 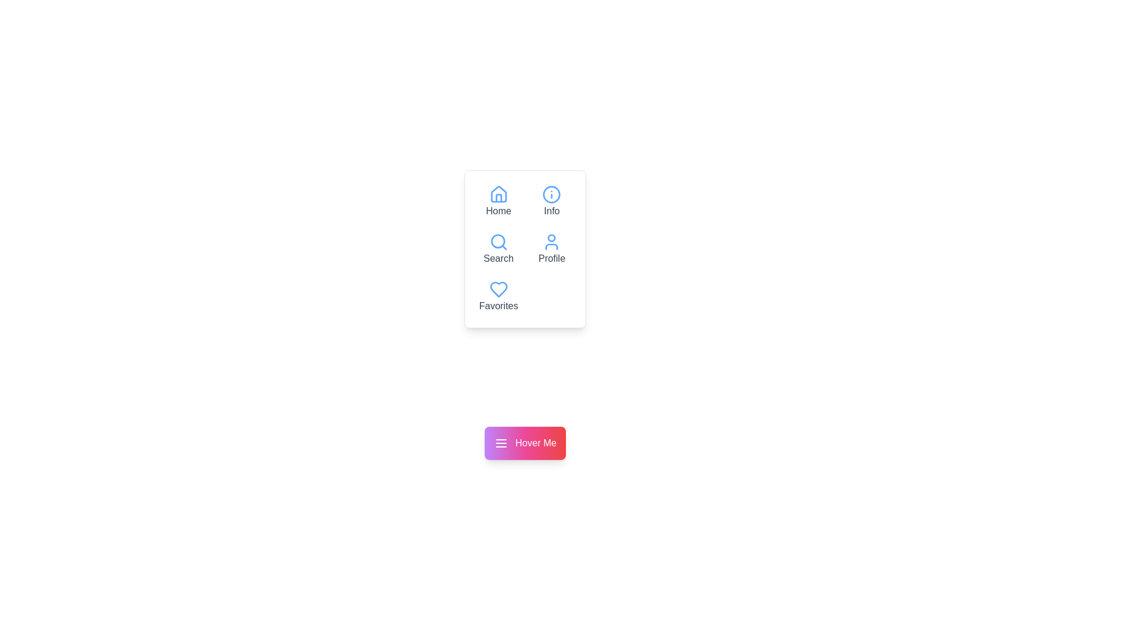 What do you see at coordinates (551, 249) in the screenshot?
I see `the 'Profile' icon button` at bounding box center [551, 249].